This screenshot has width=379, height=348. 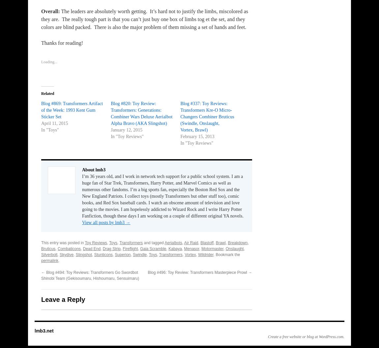 What do you see at coordinates (225, 248) in the screenshot?
I see `'Onslaught'` at bounding box center [225, 248].